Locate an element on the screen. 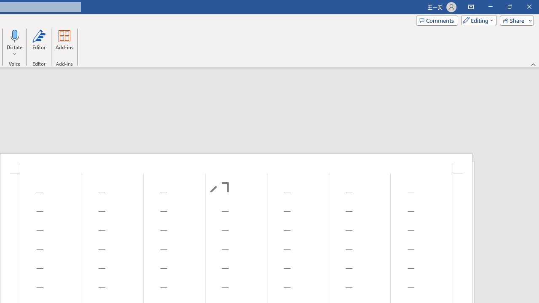 This screenshot has width=539, height=303. 'Dictate' is located at coordinates (15, 35).